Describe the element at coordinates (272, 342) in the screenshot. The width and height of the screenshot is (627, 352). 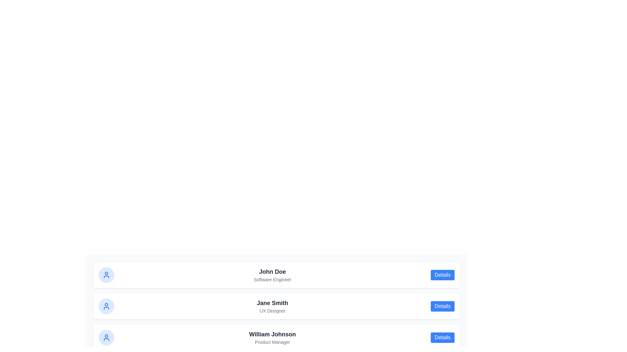
I see `the text label displaying 'Product Manager', which is in gray color and located below 'William Johnson'` at that location.